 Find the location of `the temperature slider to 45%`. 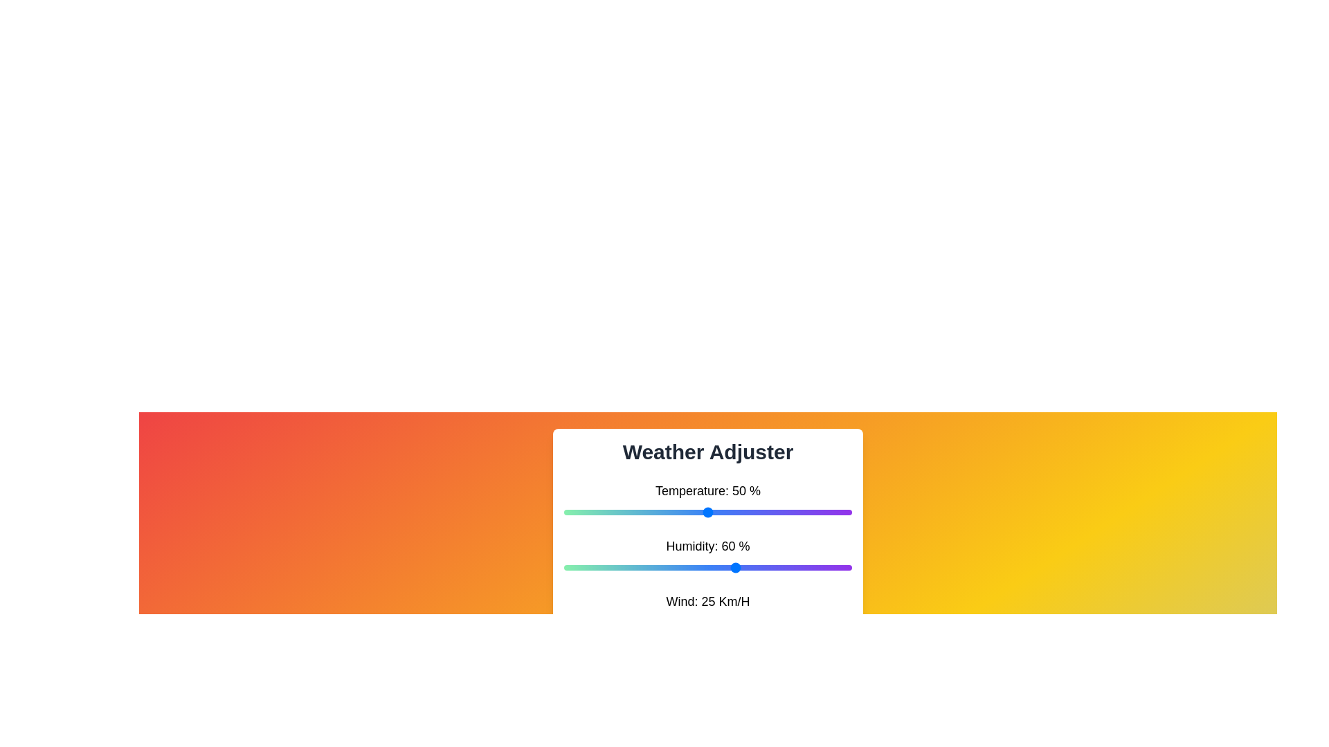

the temperature slider to 45% is located at coordinates (694, 512).